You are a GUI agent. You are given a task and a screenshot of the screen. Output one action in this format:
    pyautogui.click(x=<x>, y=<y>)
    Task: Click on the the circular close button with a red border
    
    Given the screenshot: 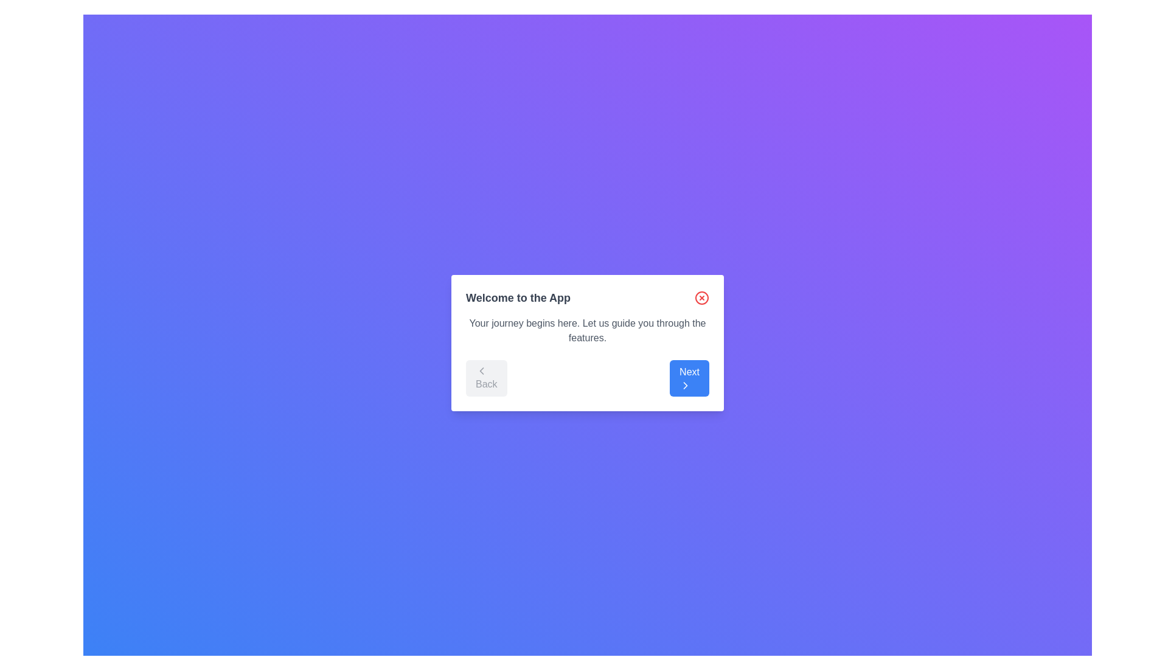 What is the action you would take?
    pyautogui.click(x=701, y=297)
    